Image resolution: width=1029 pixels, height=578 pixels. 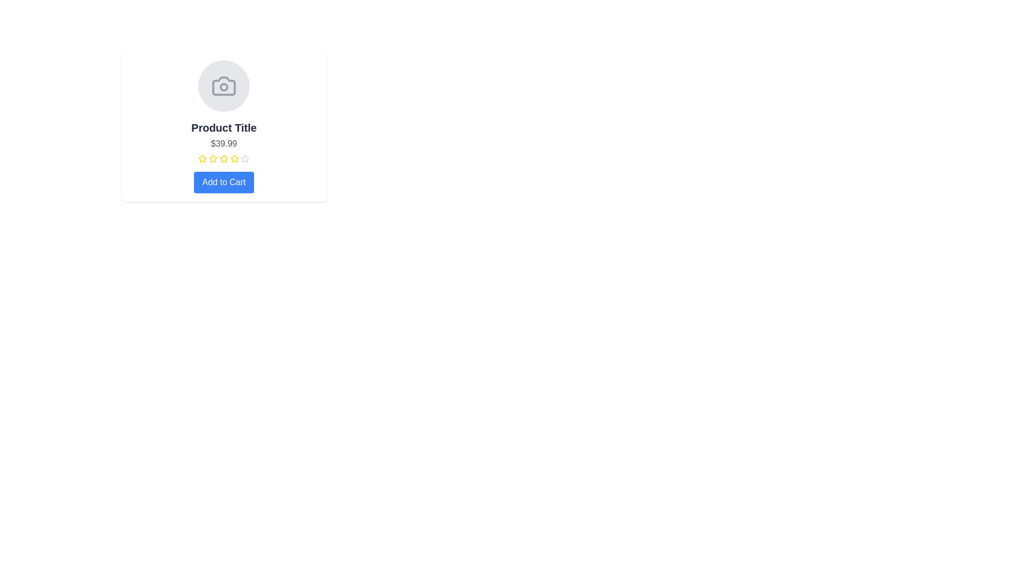 I want to click on the third yellow rating star icon below the product title and price, so click(x=234, y=158).